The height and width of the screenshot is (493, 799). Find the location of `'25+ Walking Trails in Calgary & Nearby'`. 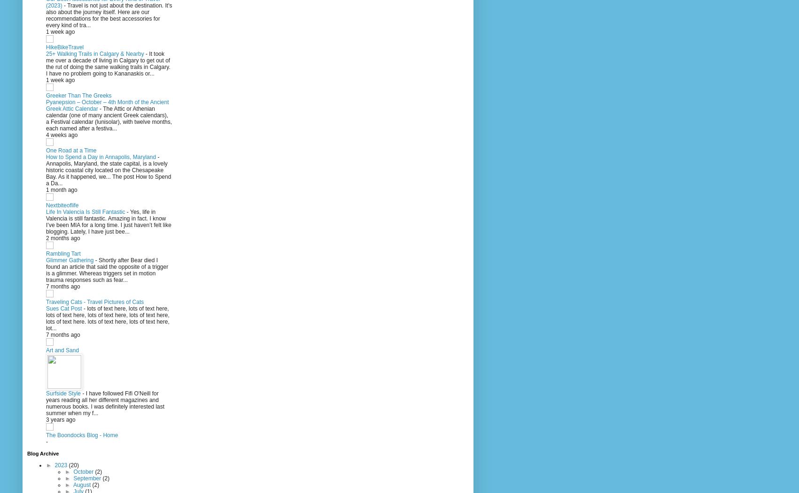

'25+ Walking Trails in Calgary & Nearby' is located at coordinates (95, 53).